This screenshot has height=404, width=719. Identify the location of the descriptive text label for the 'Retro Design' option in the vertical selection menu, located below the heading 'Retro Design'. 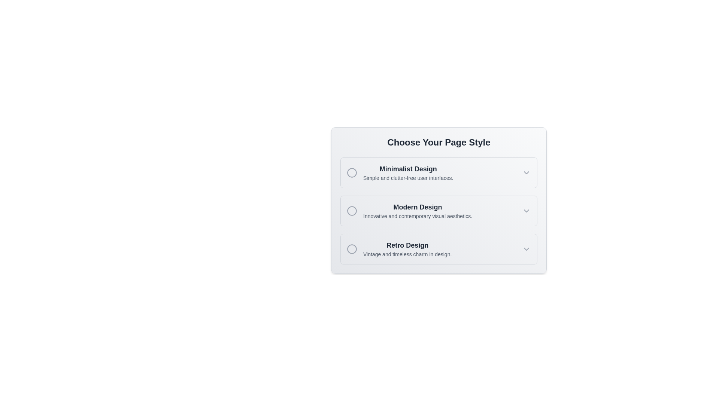
(407, 254).